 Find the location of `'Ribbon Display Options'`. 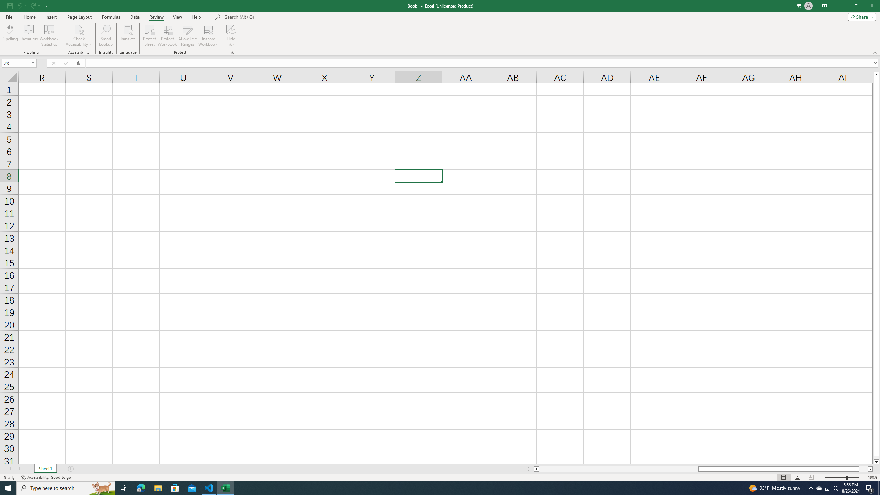

'Ribbon Display Options' is located at coordinates (824, 5).